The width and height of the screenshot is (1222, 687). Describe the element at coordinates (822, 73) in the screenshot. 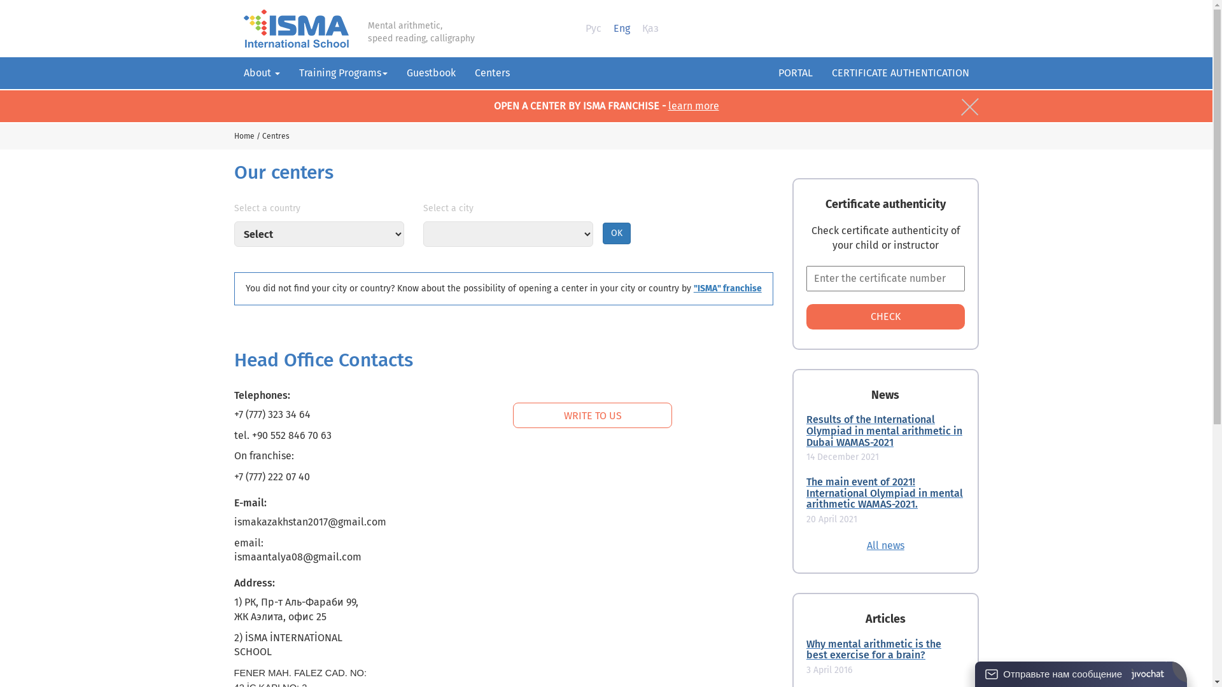

I see `'CERTIFICATE AUTHENTICATION'` at that location.